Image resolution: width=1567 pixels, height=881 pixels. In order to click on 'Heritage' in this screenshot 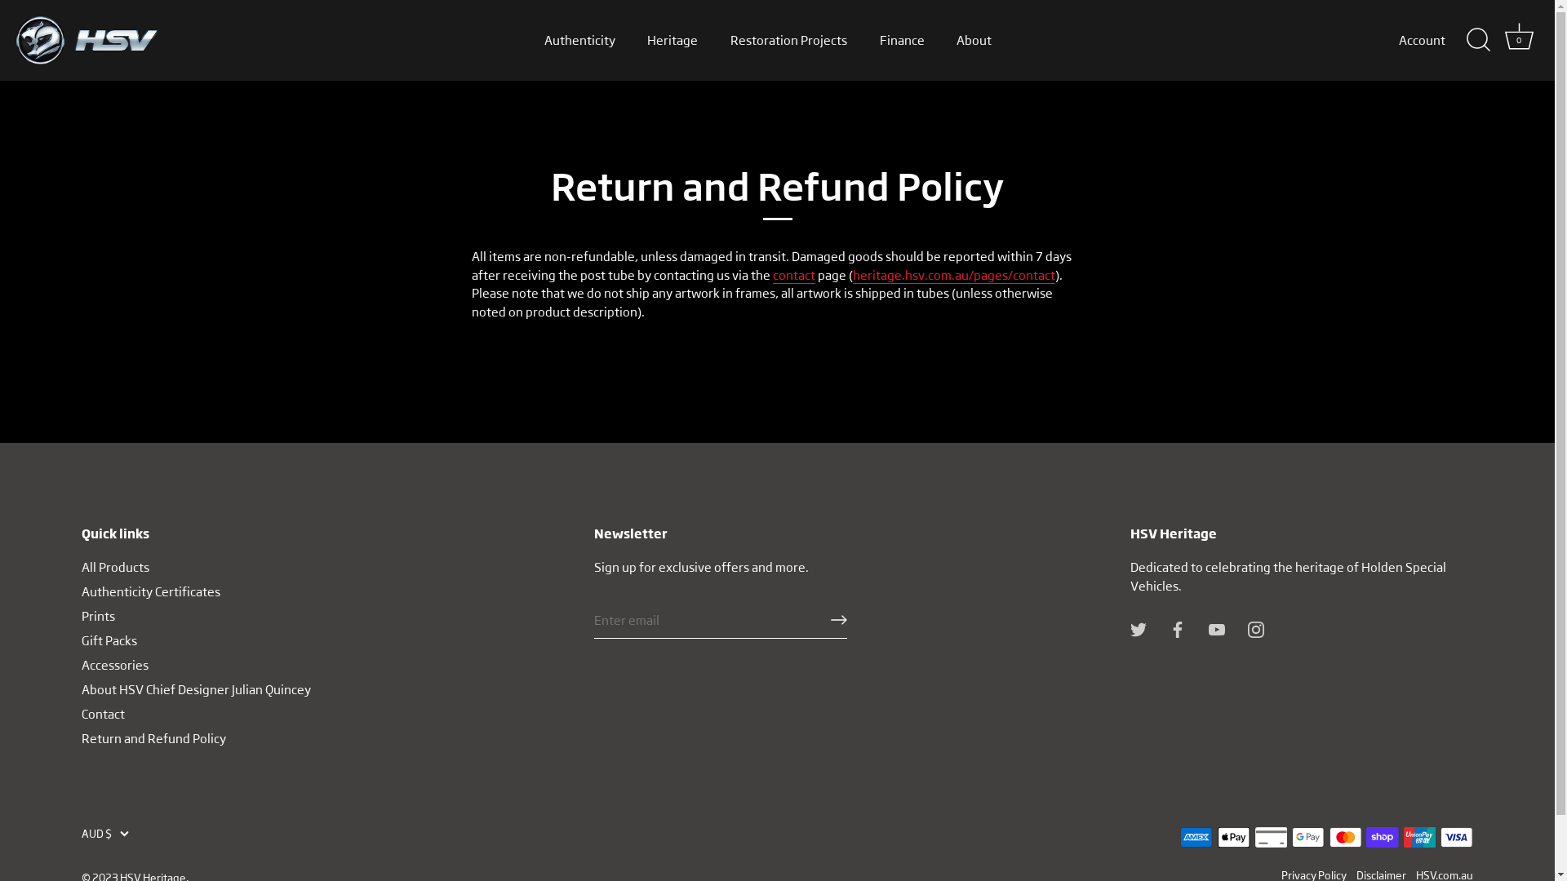, I will do `click(631, 39)`.